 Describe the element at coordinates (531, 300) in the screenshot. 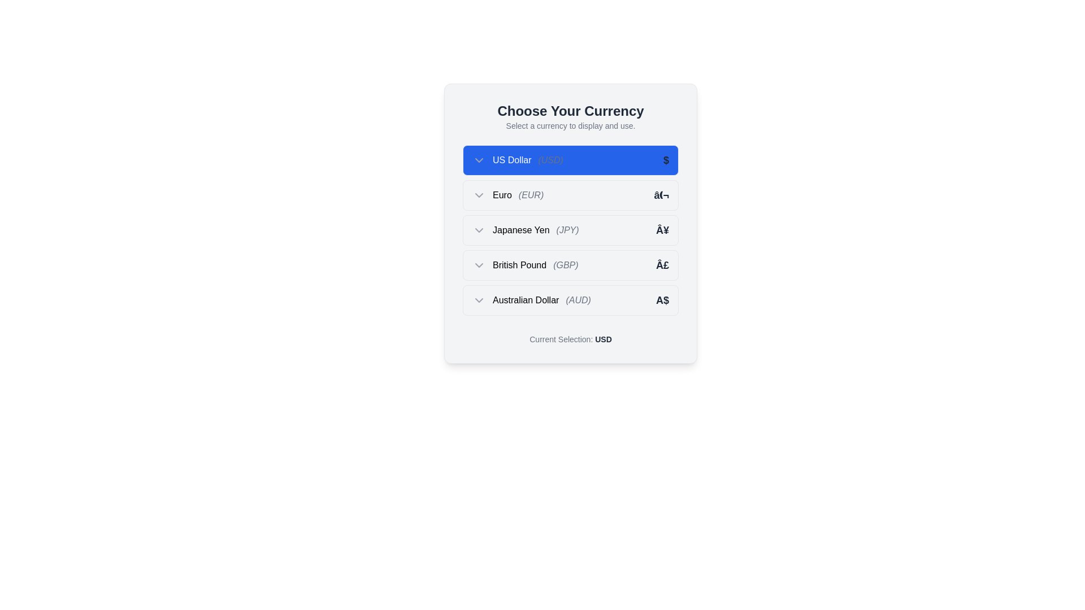

I see `the 'Australian Dollar (AUD)' text label with a chevron-down icon` at that location.